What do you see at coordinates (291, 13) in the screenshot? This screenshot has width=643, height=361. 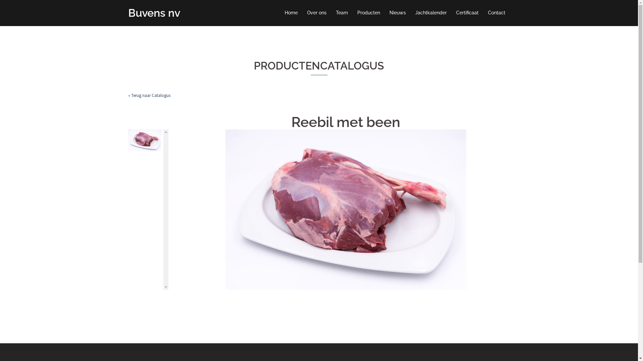 I see `'Home'` at bounding box center [291, 13].